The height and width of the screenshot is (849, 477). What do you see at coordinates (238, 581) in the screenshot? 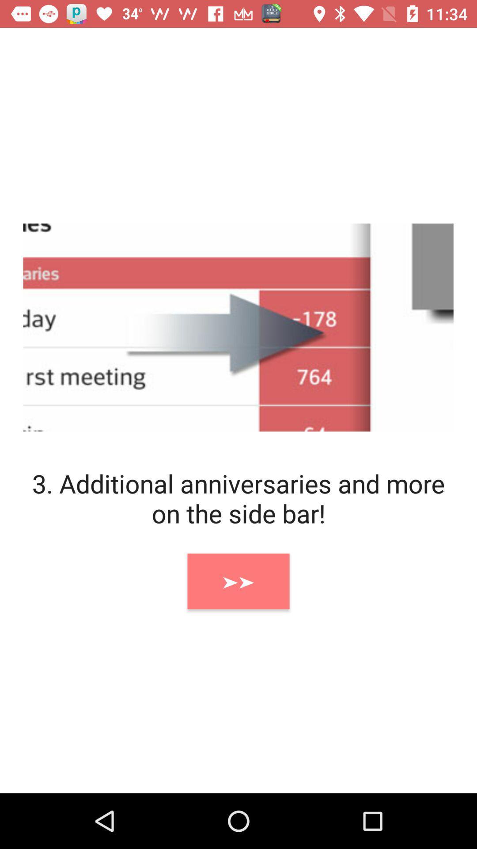
I see `item below 3 additional anniversaries icon` at bounding box center [238, 581].